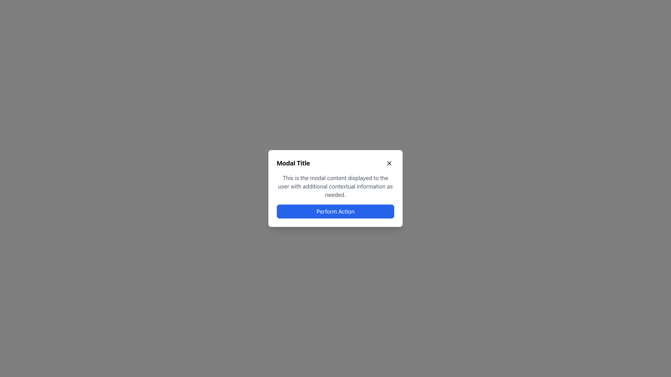  What do you see at coordinates (335, 186) in the screenshot?
I see `the text block that contains the message 'This is the modal content displayed to the user with additional contextual information as needed.' positioned centrally within the modal, below the title area and above the action button` at bounding box center [335, 186].